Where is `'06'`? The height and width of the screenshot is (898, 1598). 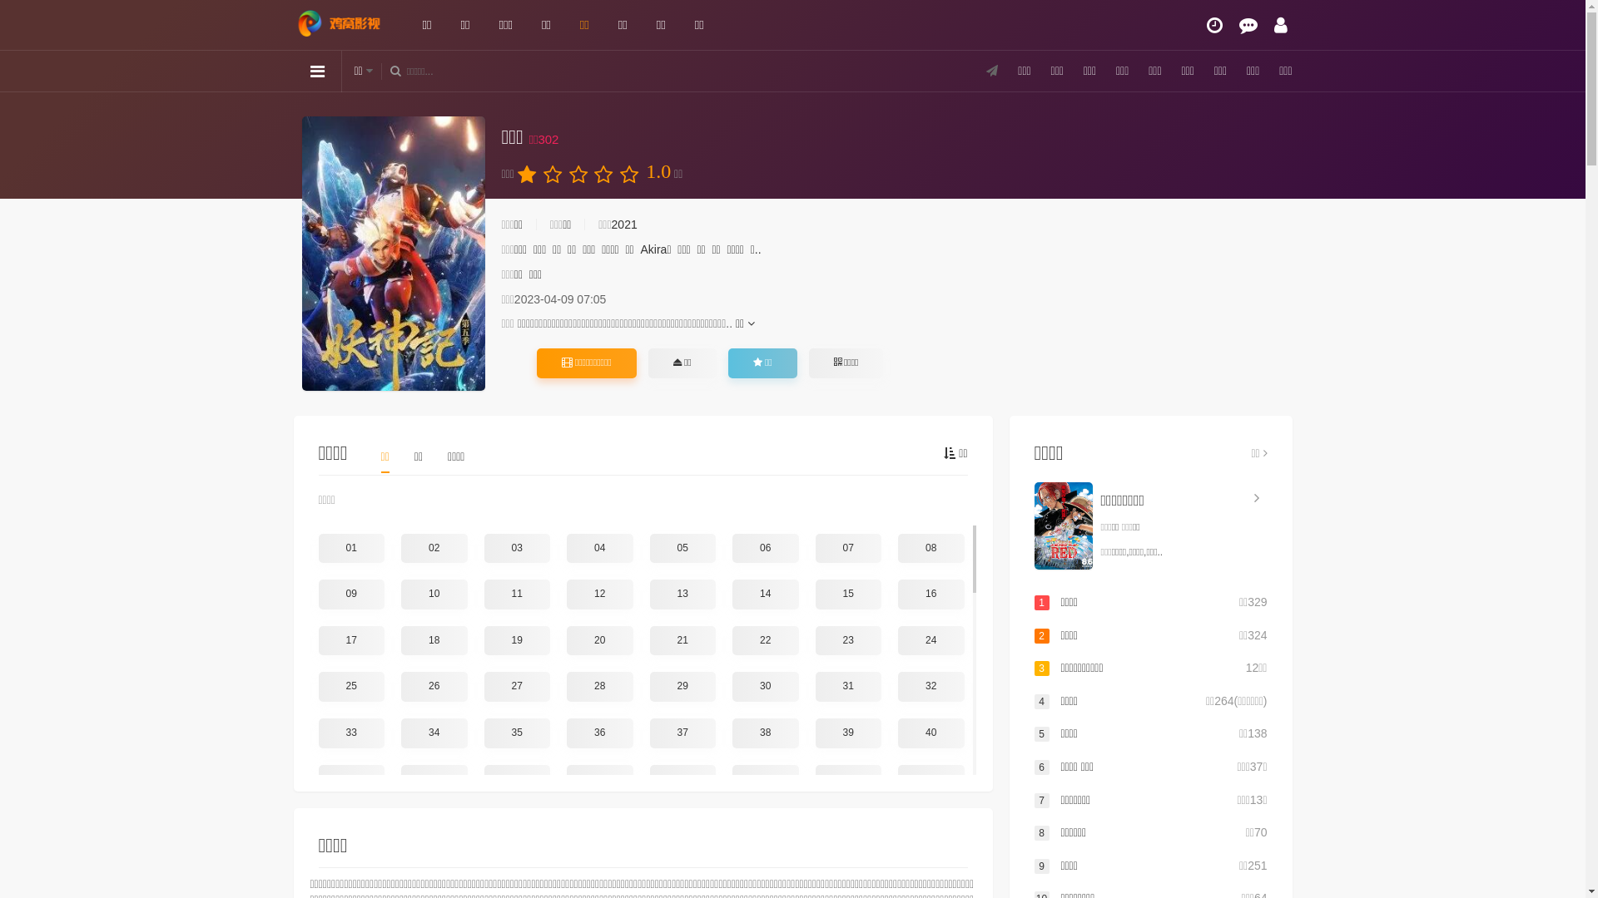
'06' is located at coordinates (765, 548).